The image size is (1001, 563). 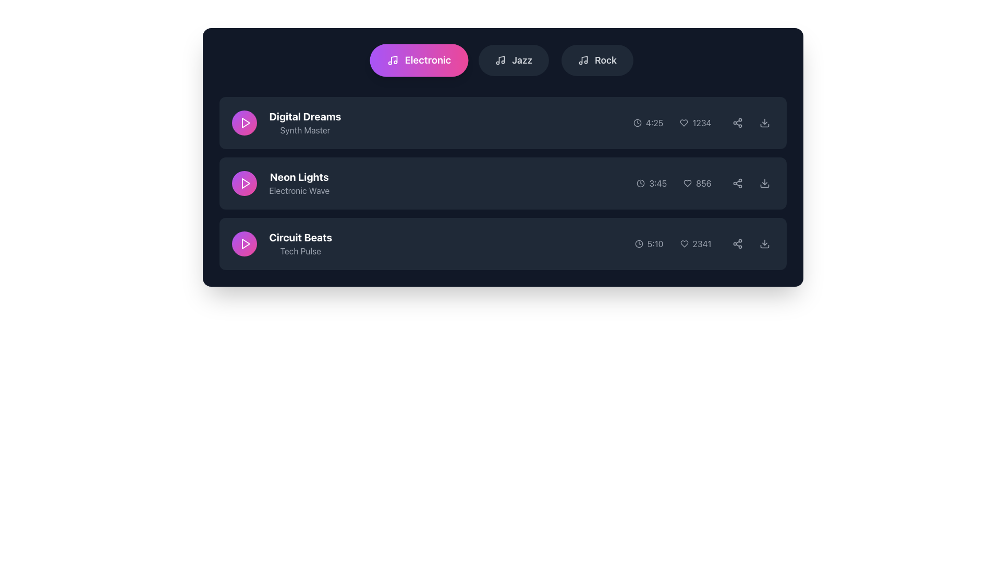 What do you see at coordinates (502, 59) in the screenshot?
I see `the Jazz music genre icon element located in the middle row of icons at the top of the interface for visual indication` at bounding box center [502, 59].